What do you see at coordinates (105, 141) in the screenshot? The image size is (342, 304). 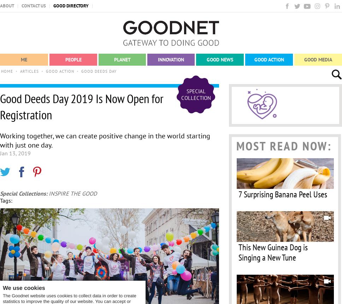 I see `'Working together, we can create positive change in the world starting with just one day.'` at bounding box center [105, 141].